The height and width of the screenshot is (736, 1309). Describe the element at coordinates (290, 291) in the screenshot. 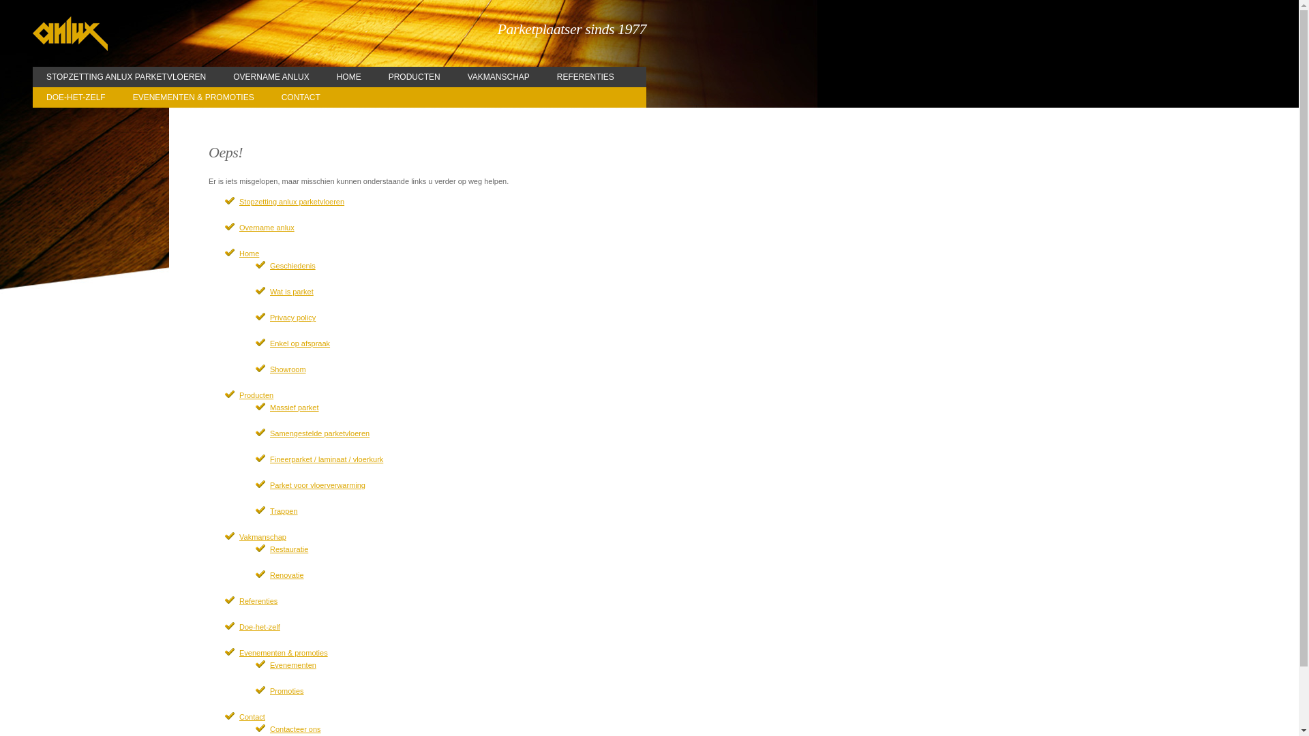

I see `'Wat is parket'` at that location.